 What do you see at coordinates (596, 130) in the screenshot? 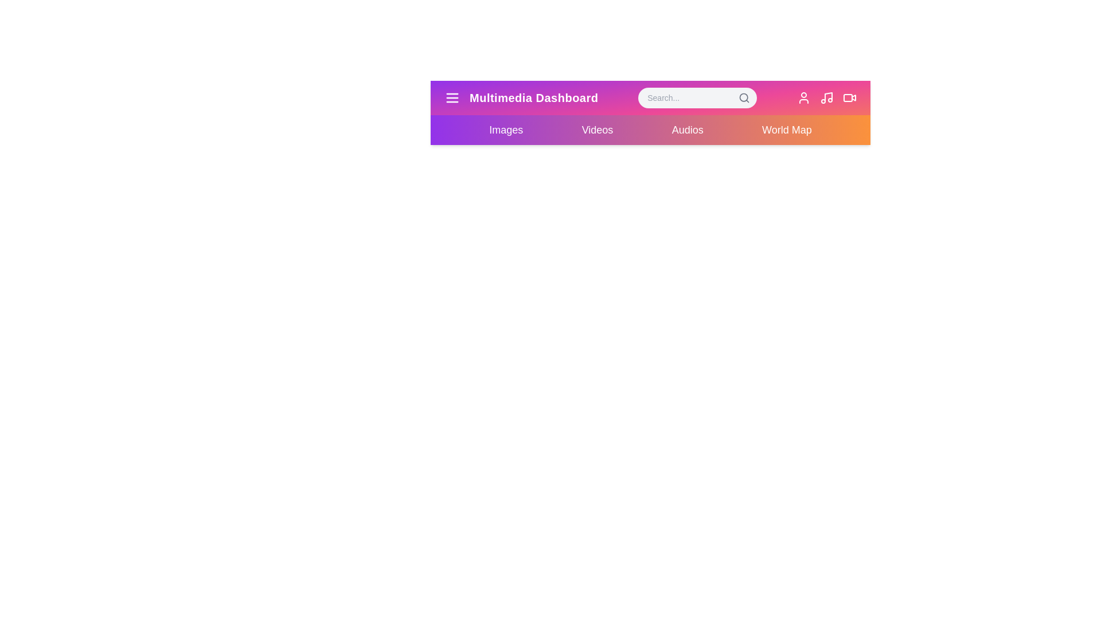
I see `the element Videos menu item to reveal its hover effect` at bounding box center [596, 130].